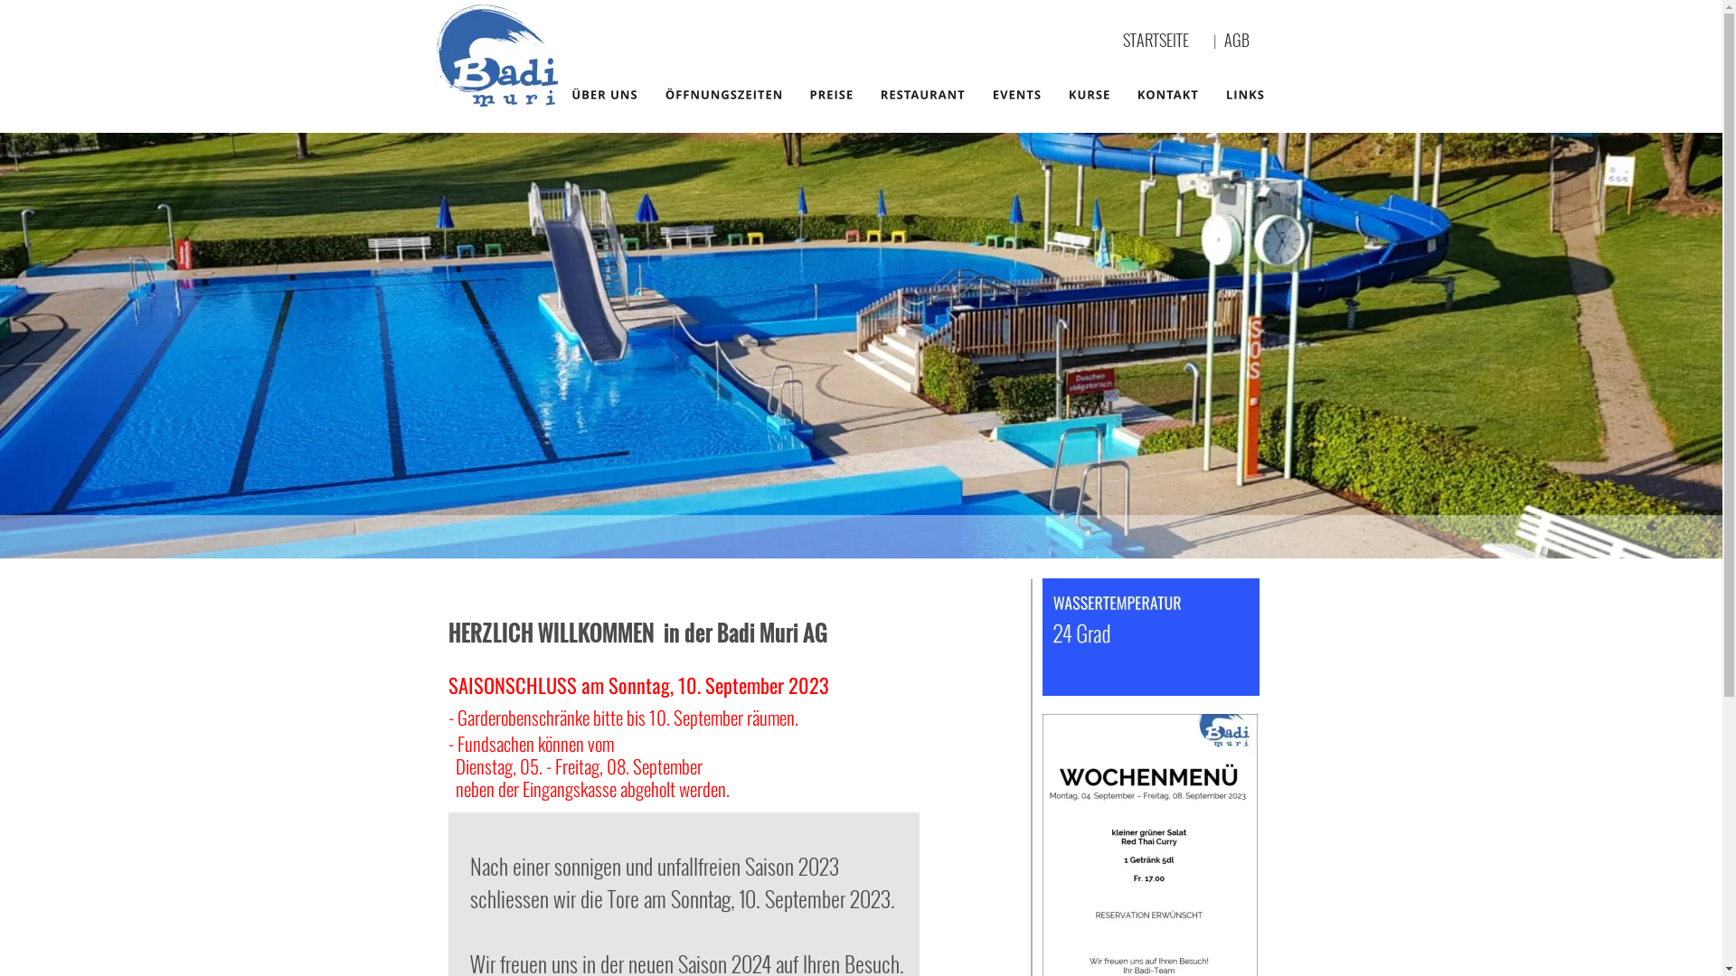  What do you see at coordinates (1223, 39) in the screenshot?
I see `'AGB   '` at bounding box center [1223, 39].